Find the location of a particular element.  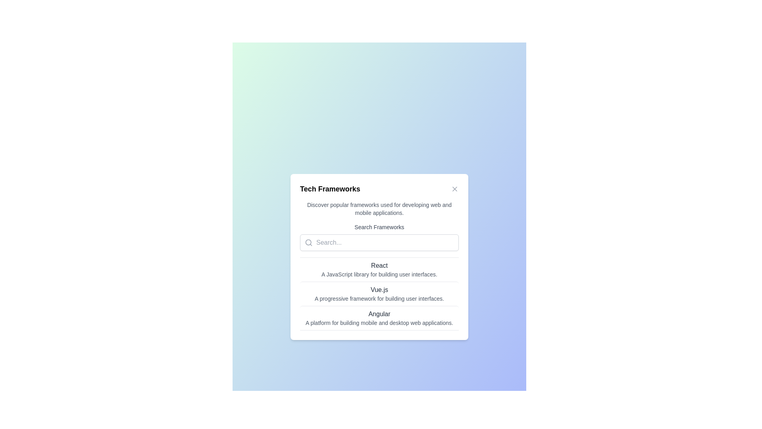

description on the informational card about the Vue.js framework, which is the second entry in a vertical list of three items is located at coordinates (379, 294).